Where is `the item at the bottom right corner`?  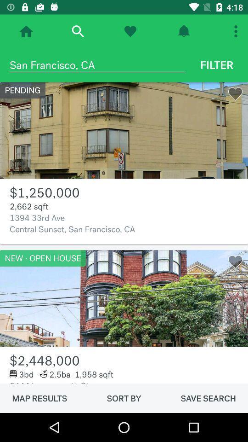
the item at the bottom right corner is located at coordinates (208, 398).